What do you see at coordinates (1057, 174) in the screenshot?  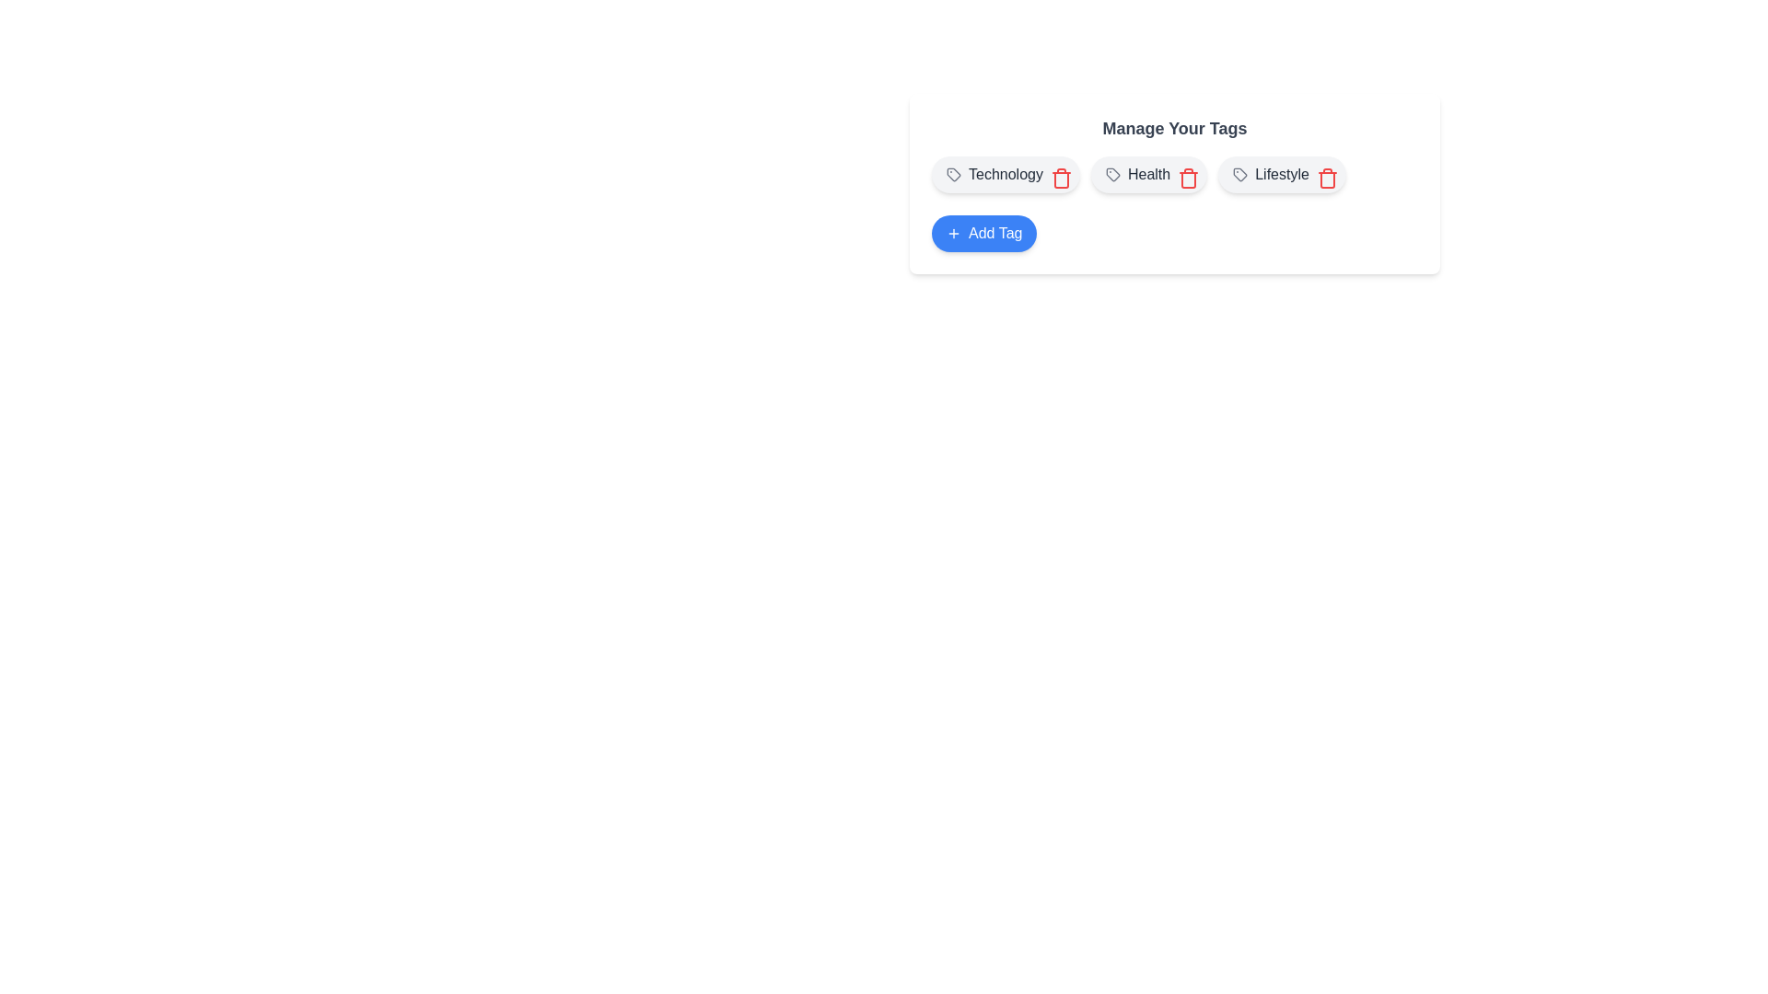 I see `the delete button for the tag labeled Technology` at bounding box center [1057, 174].